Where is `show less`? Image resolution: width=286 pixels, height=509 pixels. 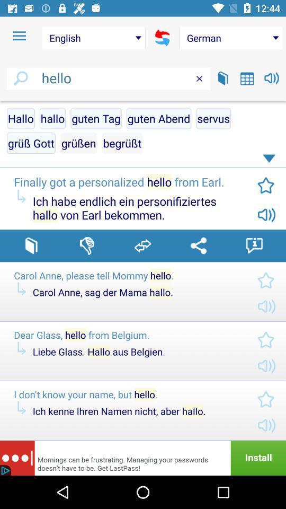
show less is located at coordinates (271, 161).